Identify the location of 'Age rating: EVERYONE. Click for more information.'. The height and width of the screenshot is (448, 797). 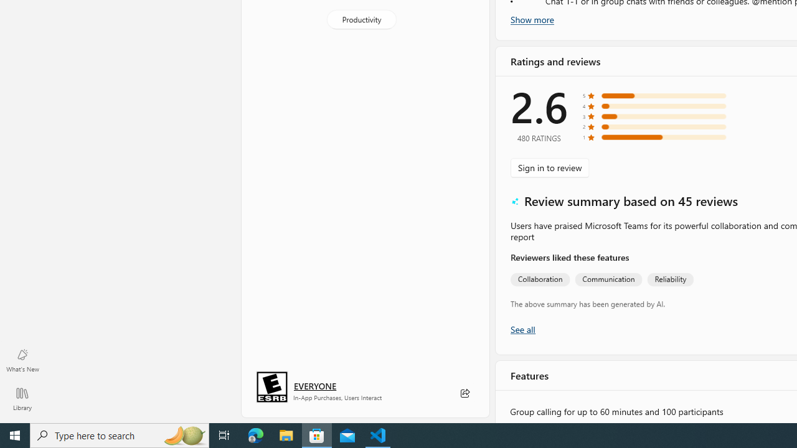
(315, 385).